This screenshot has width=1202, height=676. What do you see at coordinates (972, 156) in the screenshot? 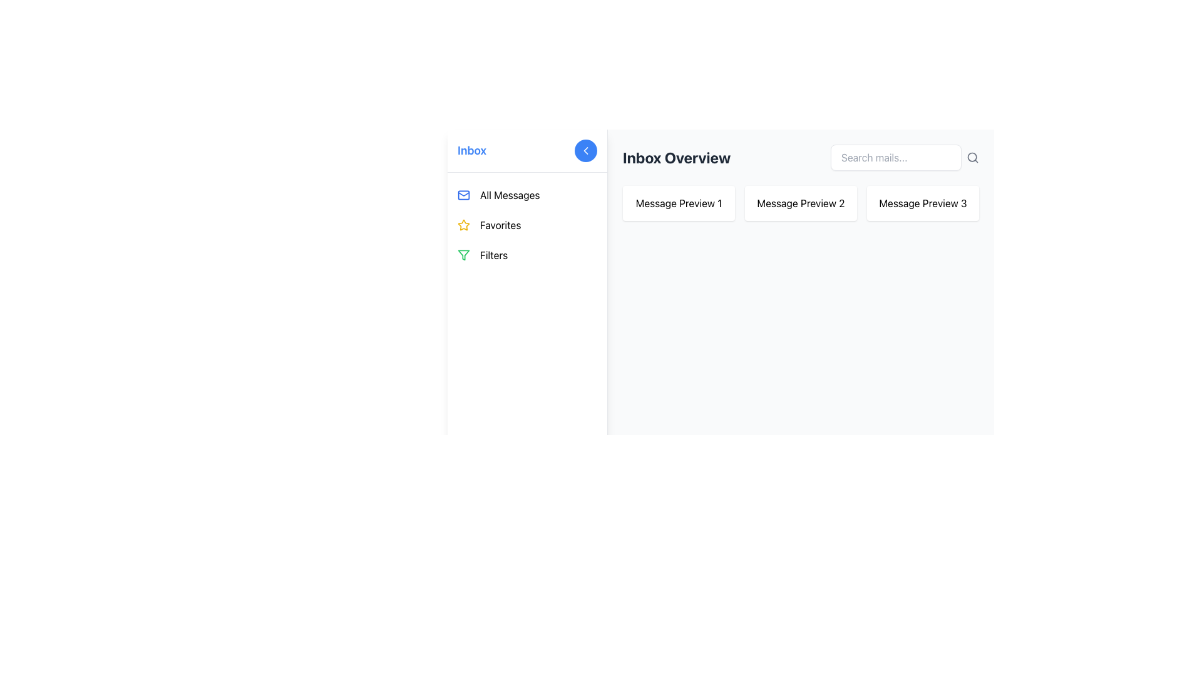
I see `the magnifying glass icon, which is a minimalistic outline design in gray, located adjacent to the right of the search input field with placeholder text 'Search mails...'` at bounding box center [972, 156].